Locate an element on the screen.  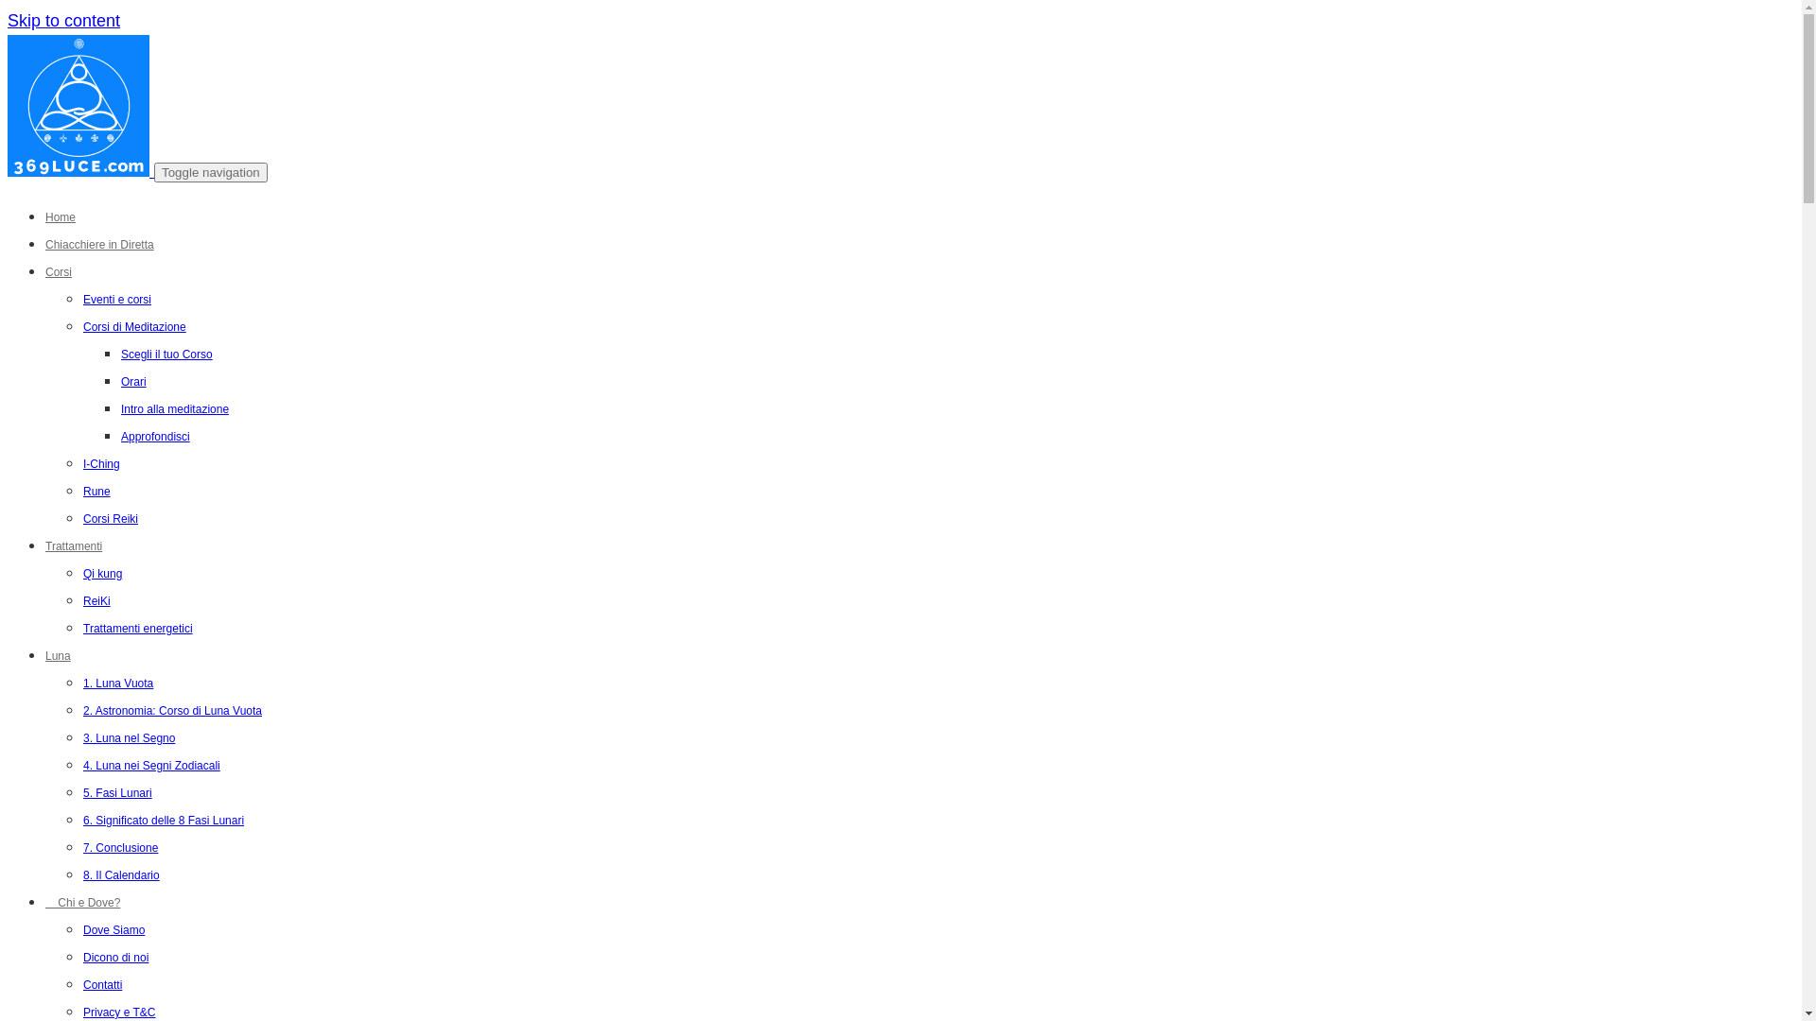
'Approfondisci' is located at coordinates (120, 437).